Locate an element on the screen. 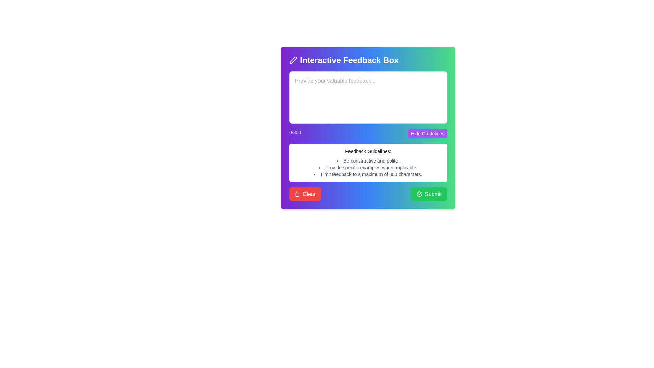 The width and height of the screenshot is (654, 368). the rectangular button with a purple background labeled 'Hide Guidelines' is located at coordinates (427, 134).